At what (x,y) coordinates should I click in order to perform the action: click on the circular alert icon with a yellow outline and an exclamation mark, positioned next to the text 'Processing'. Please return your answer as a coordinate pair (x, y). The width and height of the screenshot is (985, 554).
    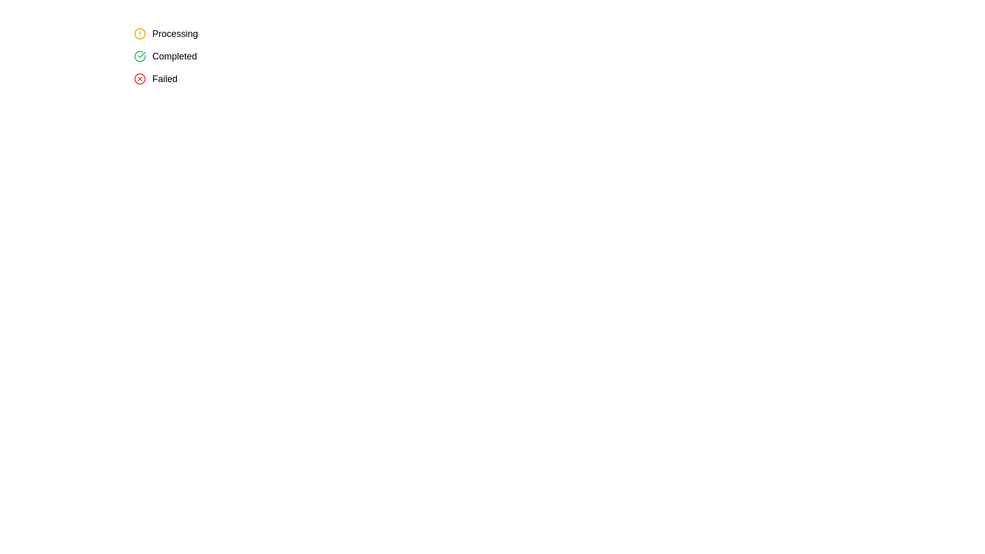
    Looking at the image, I should click on (140, 33).